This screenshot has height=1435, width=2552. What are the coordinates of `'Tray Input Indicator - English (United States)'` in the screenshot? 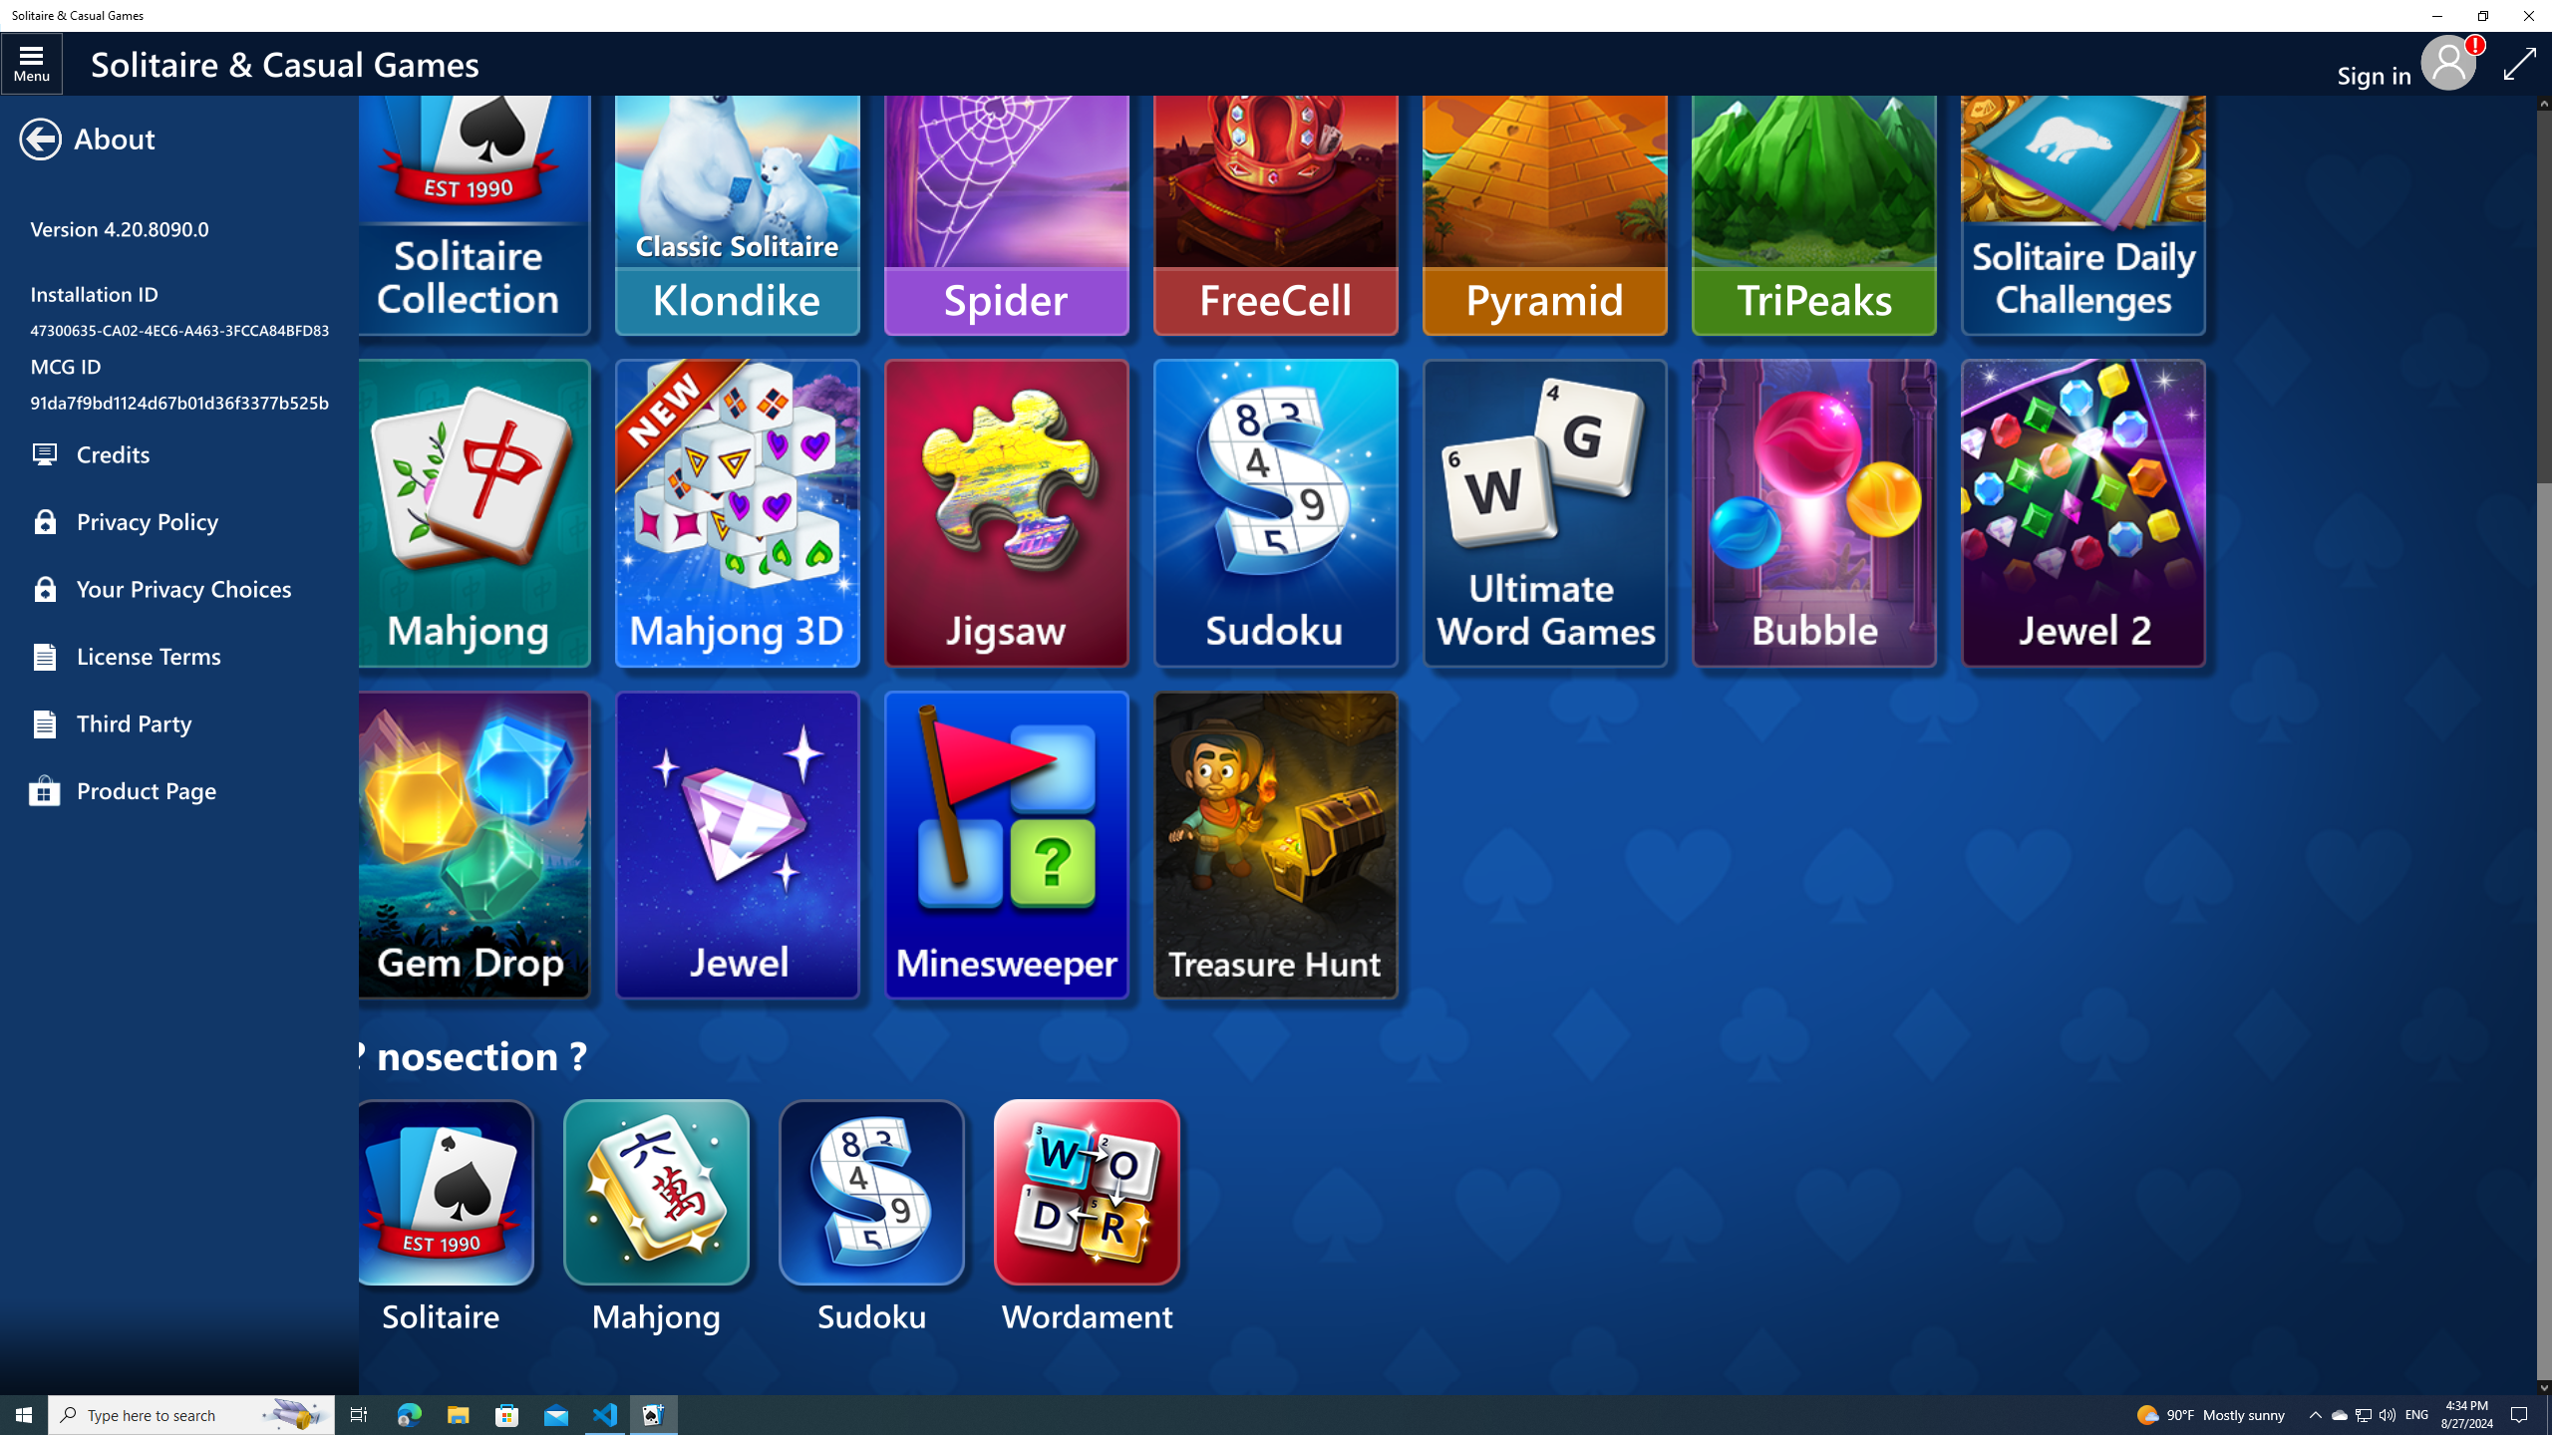 It's located at (2416, 1413).